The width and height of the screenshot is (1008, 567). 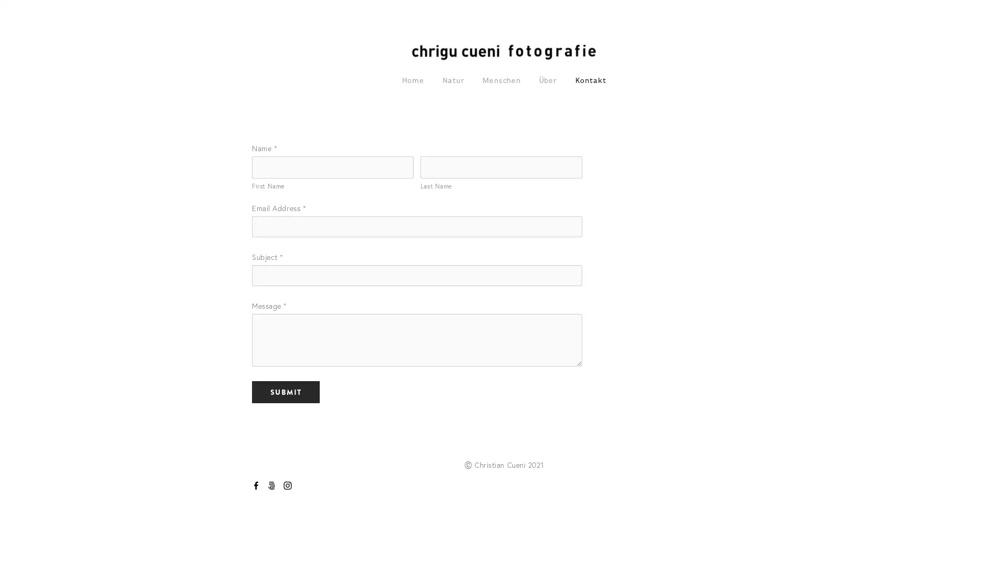 What do you see at coordinates (286, 392) in the screenshot?
I see `Submit` at bounding box center [286, 392].